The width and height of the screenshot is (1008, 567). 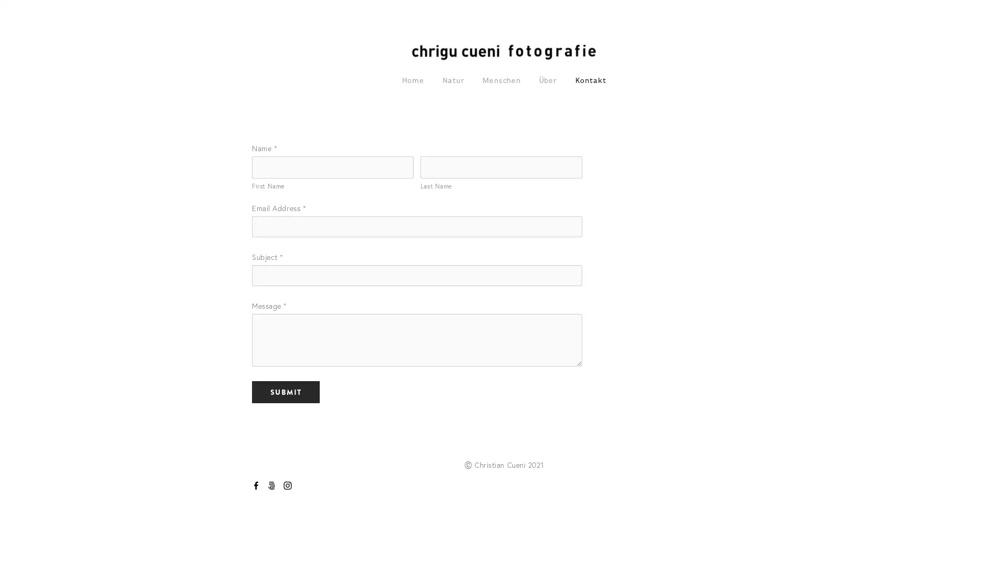 What do you see at coordinates (286, 392) in the screenshot?
I see `Submit` at bounding box center [286, 392].